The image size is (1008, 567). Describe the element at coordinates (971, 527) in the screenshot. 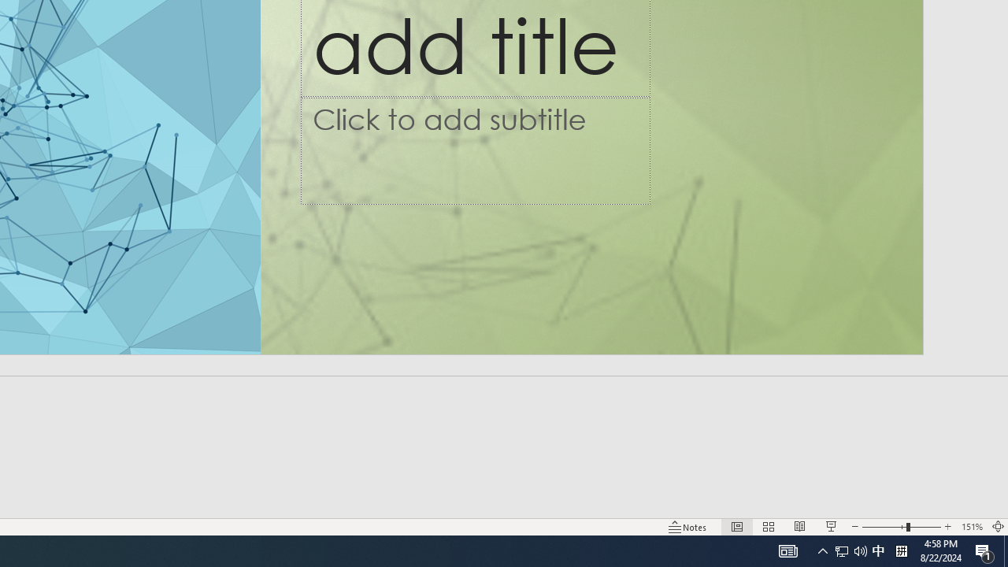

I see `'Zoom 151%'` at that location.